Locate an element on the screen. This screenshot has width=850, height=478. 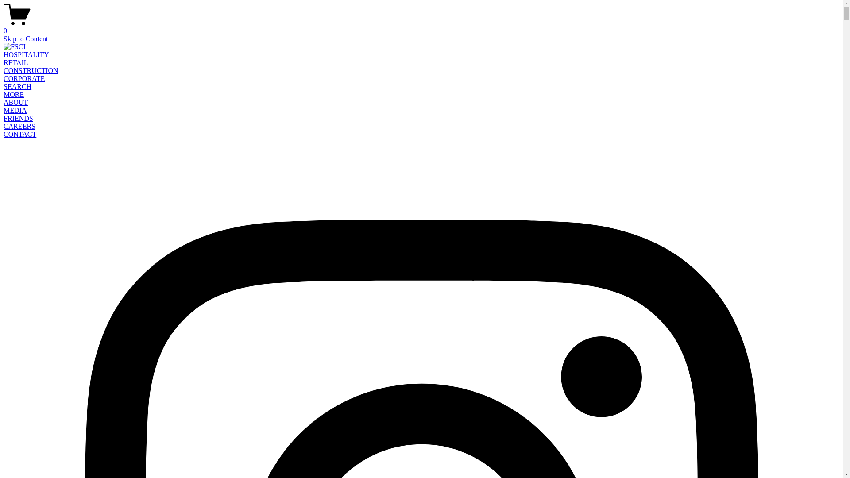
'MEDIA' is located at coordinates (15, 110).